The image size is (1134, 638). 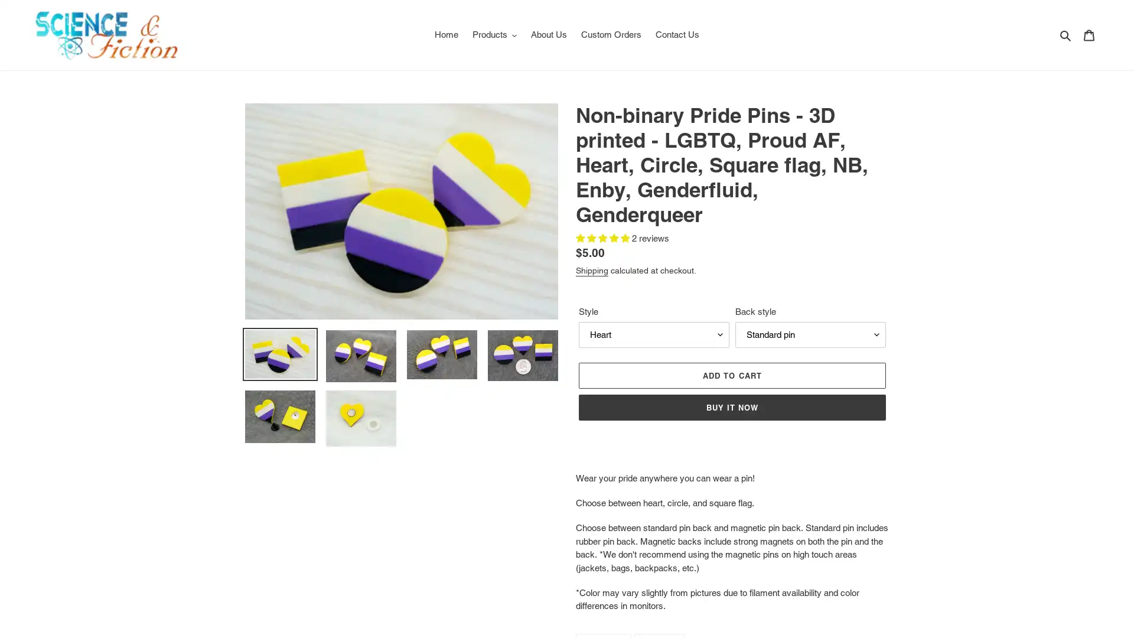 What do you see at coordinates (604, 237) in the screenshot?
I see `5.00 stars` at bounding box center [604, 237].